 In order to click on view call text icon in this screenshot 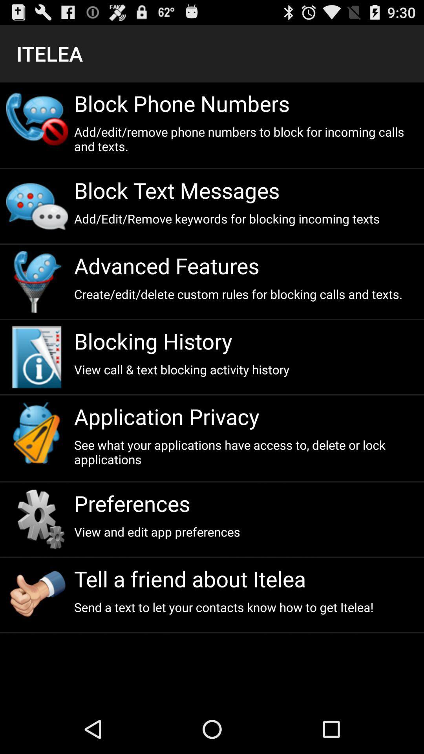, I will do `click(245, 369)`.